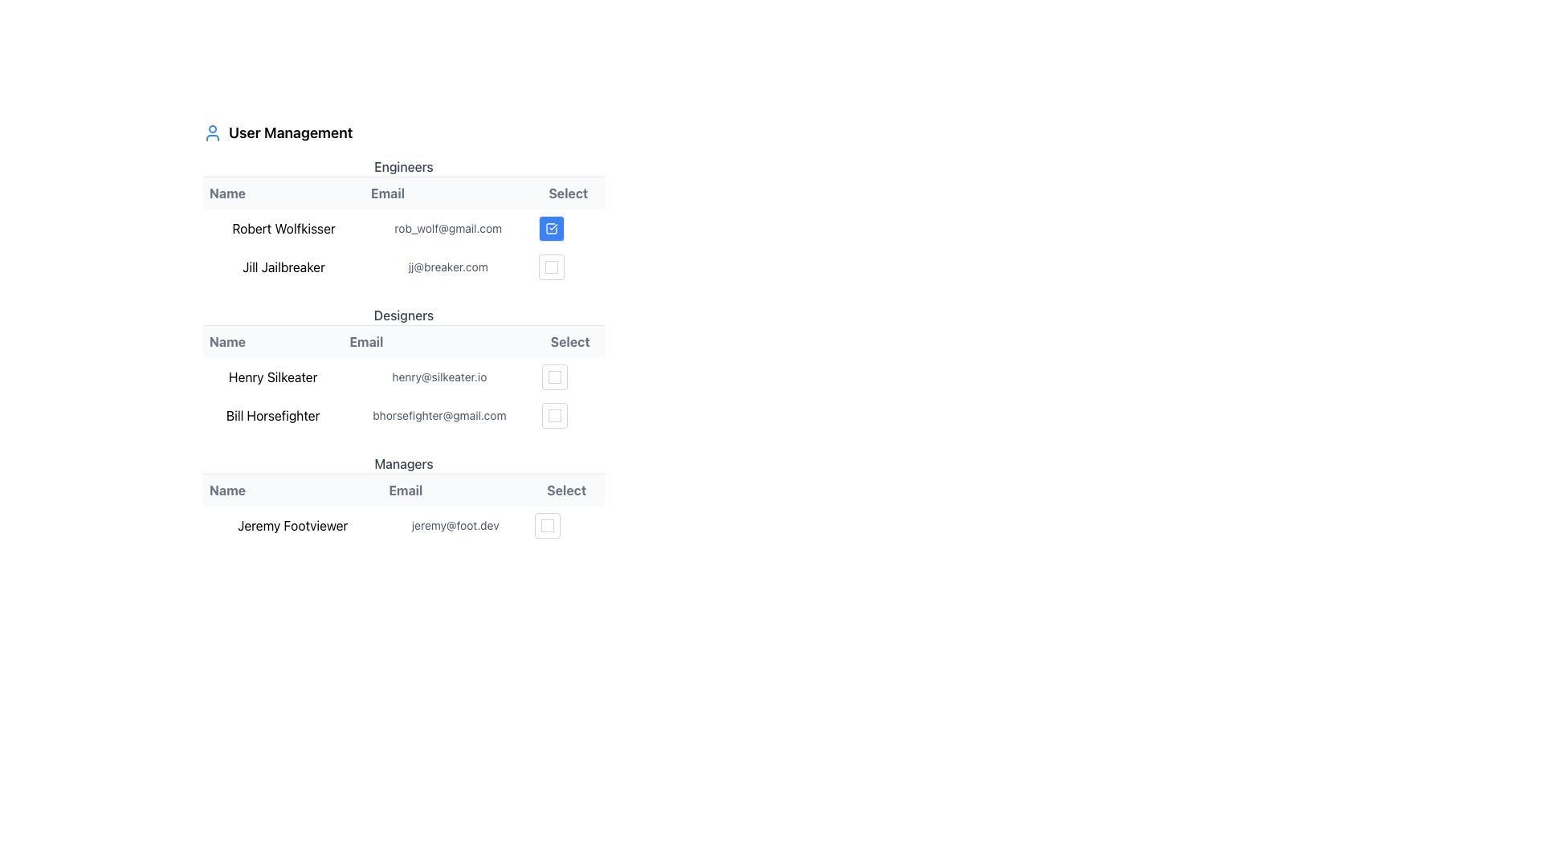 The image size is (1542, 867). Describe the element at coordinates (570, 414) in the screenshot. I see `the checkbox-like button in the 'Select' column next to the 'Bill Horsefighter' entry under the 'Designers' section` at that location.